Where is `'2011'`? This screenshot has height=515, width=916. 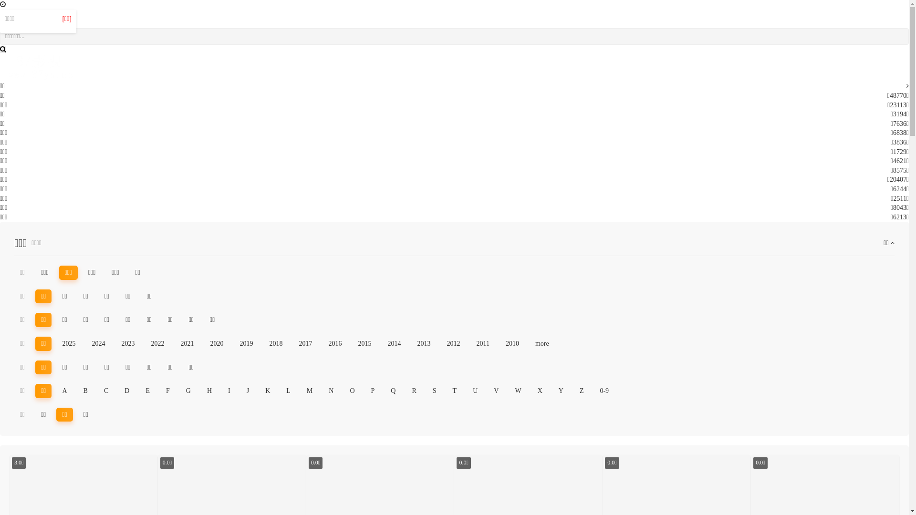
'2011' is located at coordinates (482, 344).